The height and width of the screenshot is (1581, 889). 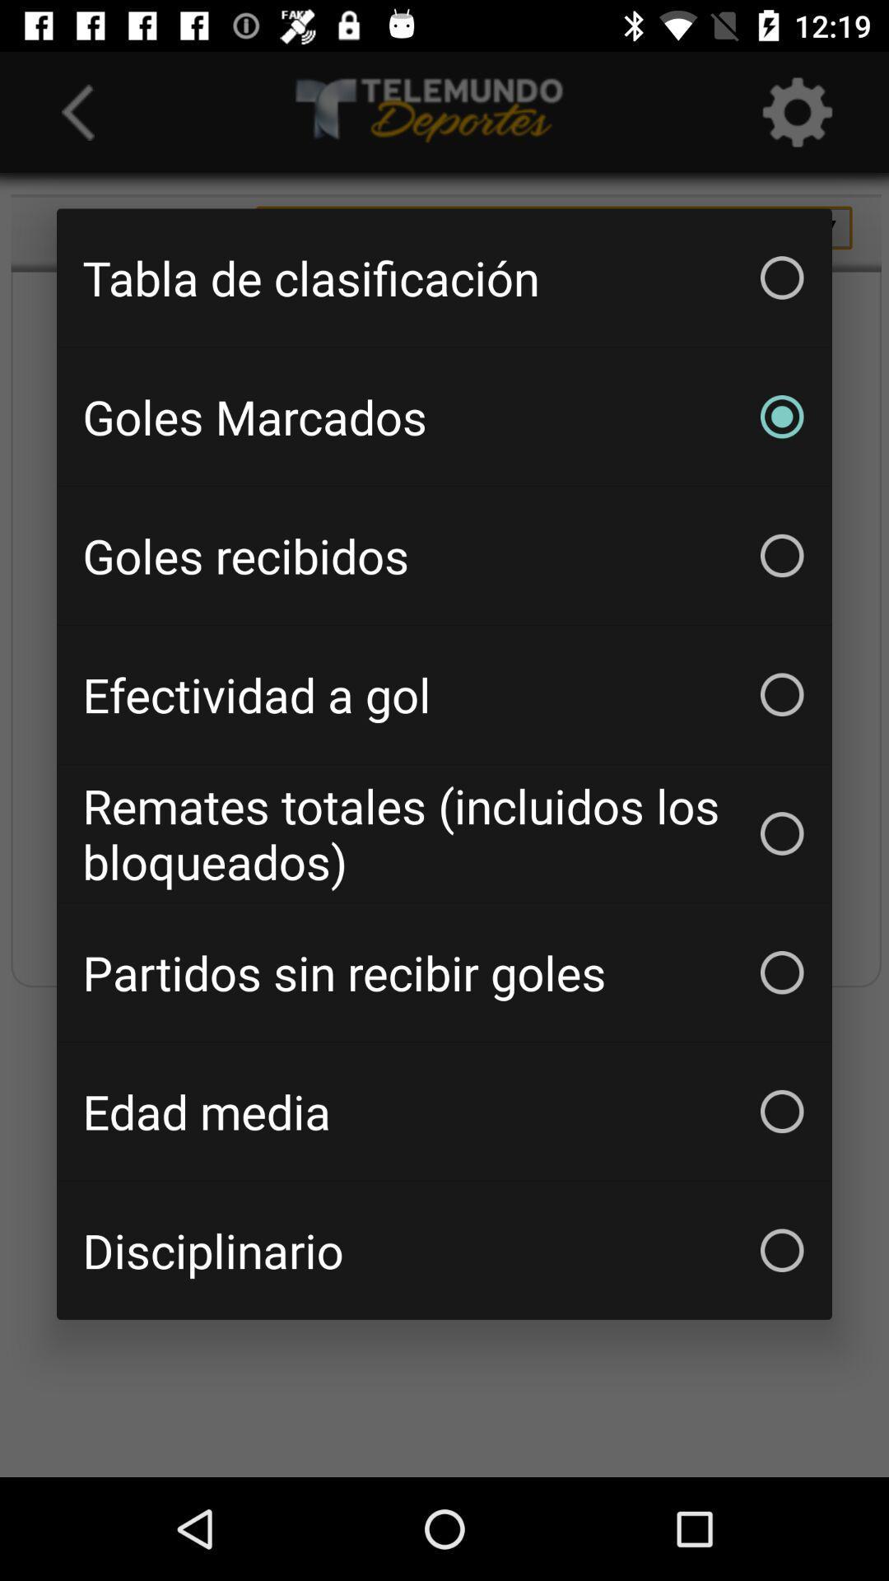 What do you see at coordinates (444, 833) in the screenshot?
I see `the icon below the efectividad a gol item` at bounding box center [444, 833].